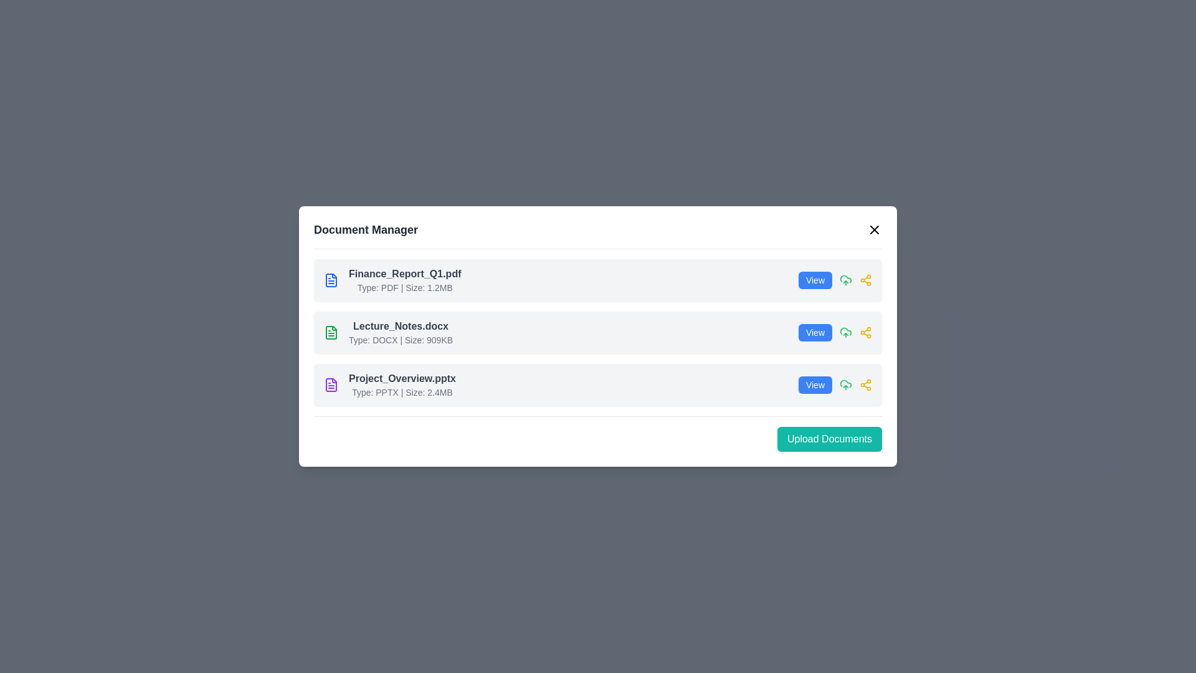 Image resolution: width=1196 pixels, height=673 pixels. What do you see at coordinates (598, 433) in the screenshot?
I see `the upload button located at the bottom-right corner of the document management interface to initiate the upload process` at bounding box center [598, 433].